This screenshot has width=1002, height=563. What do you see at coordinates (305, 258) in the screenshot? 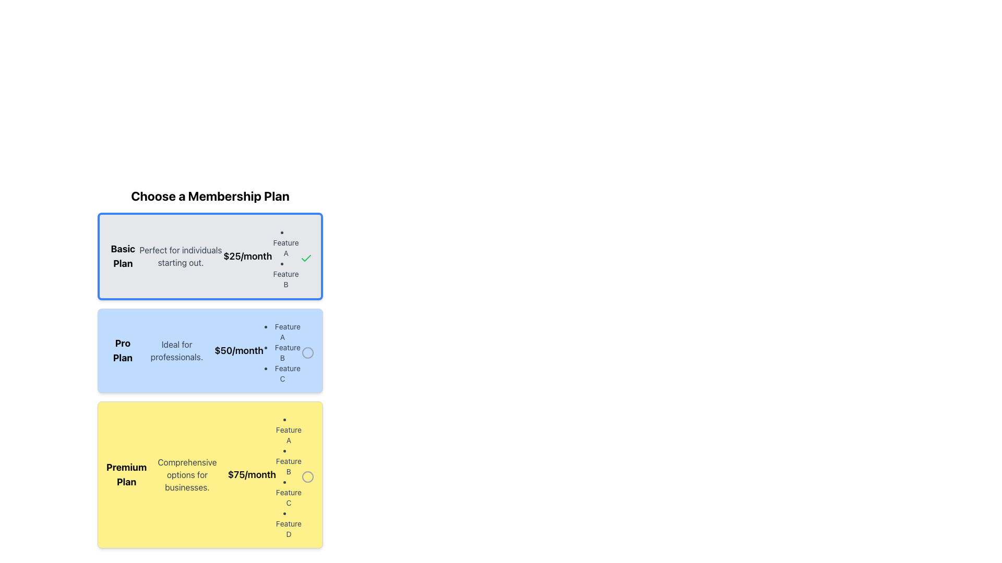
I see `the green checkmark icon indicating an active feature located in the top-right portion of the 'Basic Plan' card, near the price text '$25/month'` at bounding box center [305, 258].